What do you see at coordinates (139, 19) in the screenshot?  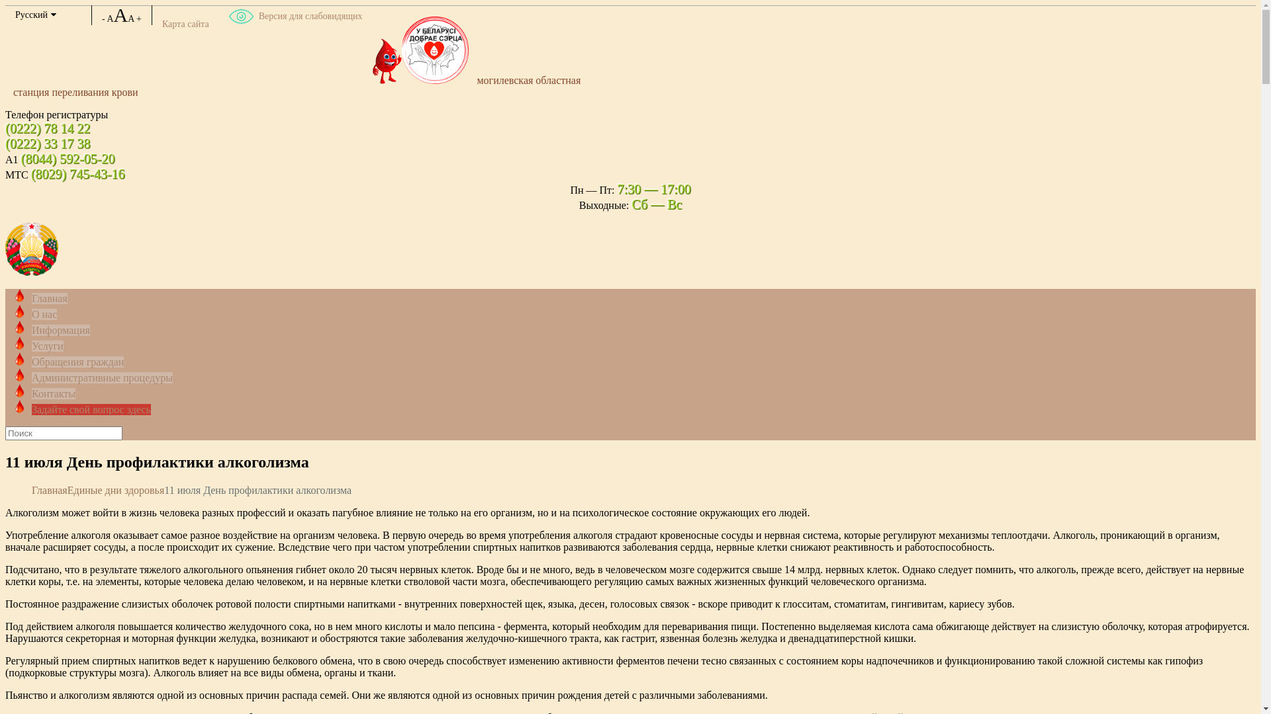 I see `'+'` at bounding box center [139, 19].